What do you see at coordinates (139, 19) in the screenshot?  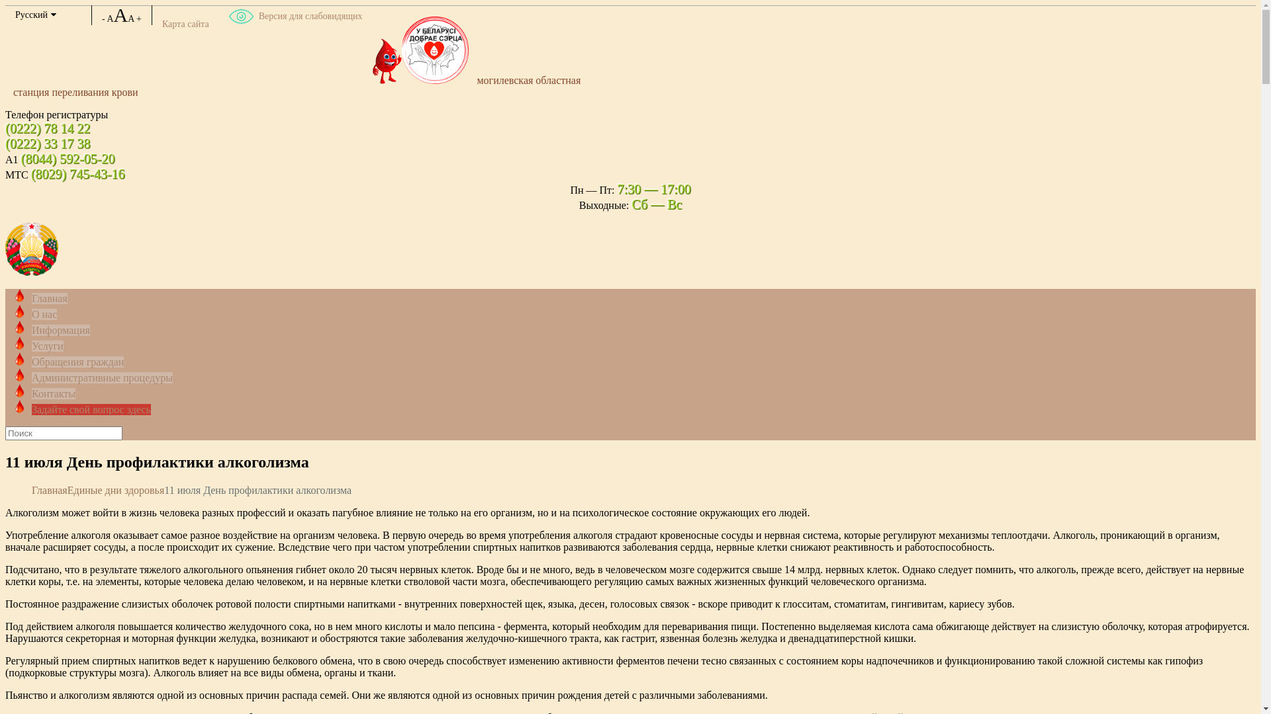 I see `'+'` at bounding box center [139, 19].